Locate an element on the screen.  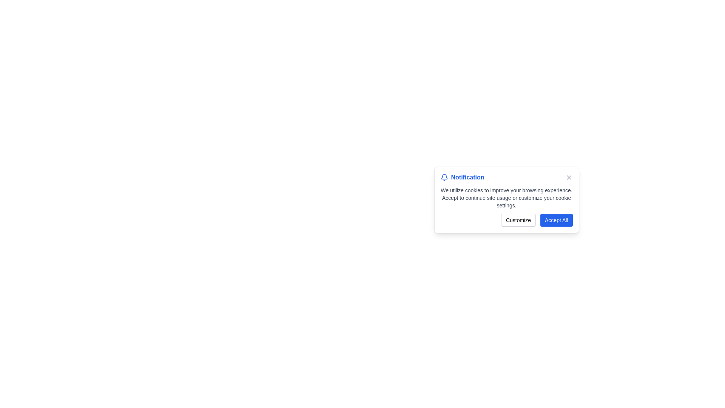
static text message stating 'We utilize cookies to improve your browsing experience. Accept to continue site usage or customize your cookie settings.' which is displayed in a notification modal, positioned centrally below the title 'Notification' and above the buttons 'Customize' and 'Accept All' is located at coordinates (506, 198).